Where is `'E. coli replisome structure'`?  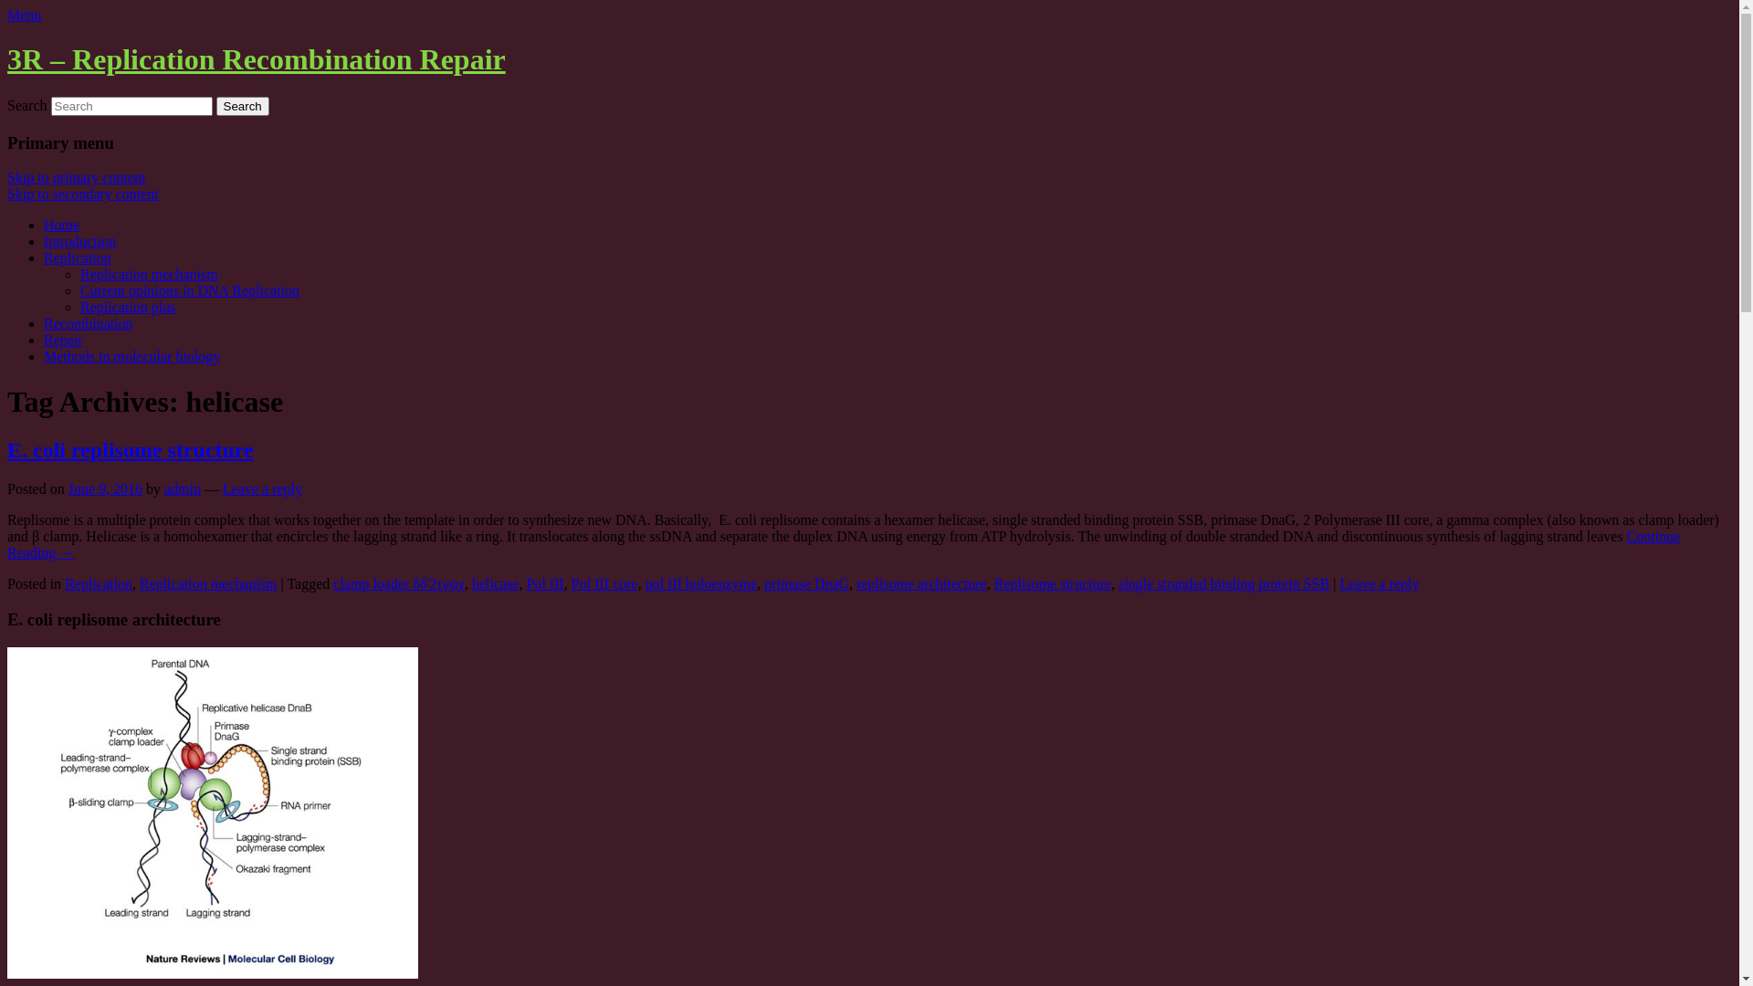
'E. coli replisome structure' is located at coordinates (7, 450).